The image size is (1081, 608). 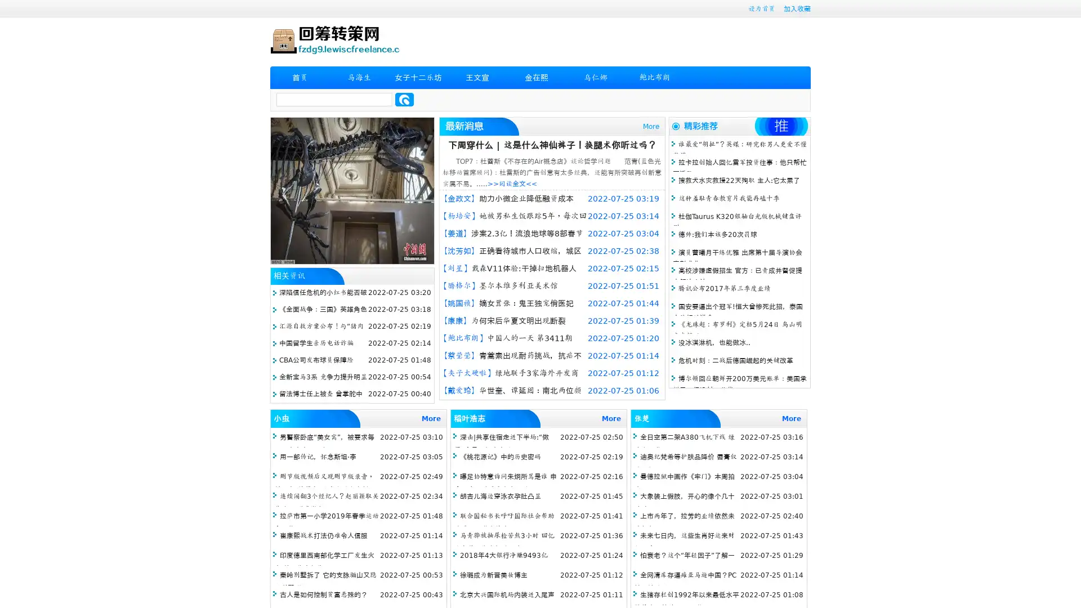 I want to click on Search, so click(x=404, y=99).